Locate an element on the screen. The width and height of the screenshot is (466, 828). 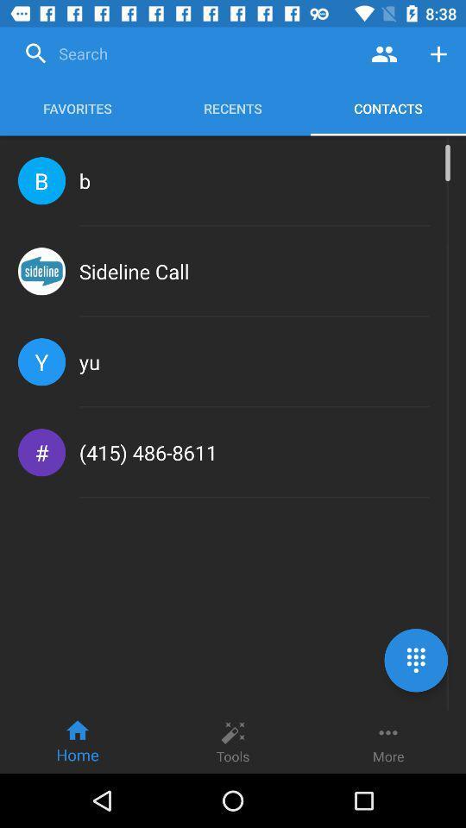
contact is located at coordinates (438, 53).